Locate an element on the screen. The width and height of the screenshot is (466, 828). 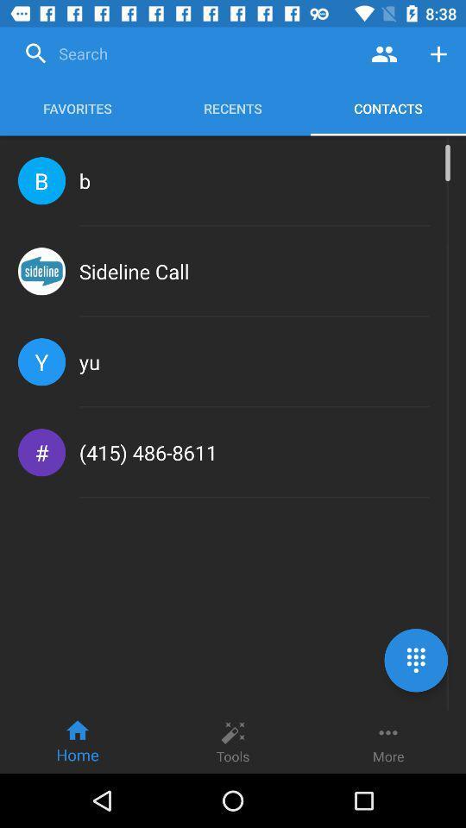
contact is located at coordinates (438, 53).